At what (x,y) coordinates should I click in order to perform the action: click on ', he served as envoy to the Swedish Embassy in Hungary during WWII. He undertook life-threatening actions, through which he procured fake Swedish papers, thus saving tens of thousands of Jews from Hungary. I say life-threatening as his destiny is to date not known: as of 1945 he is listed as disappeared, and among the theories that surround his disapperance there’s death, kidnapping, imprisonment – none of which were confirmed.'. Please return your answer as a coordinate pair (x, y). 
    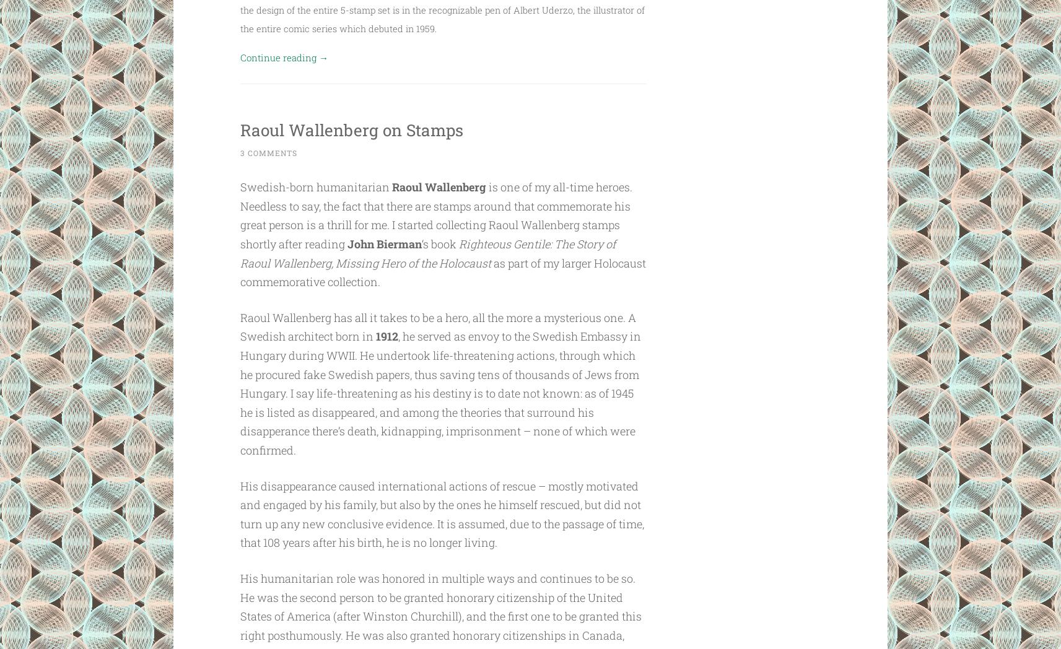
    Looking at the image, I should click on (440, 392).